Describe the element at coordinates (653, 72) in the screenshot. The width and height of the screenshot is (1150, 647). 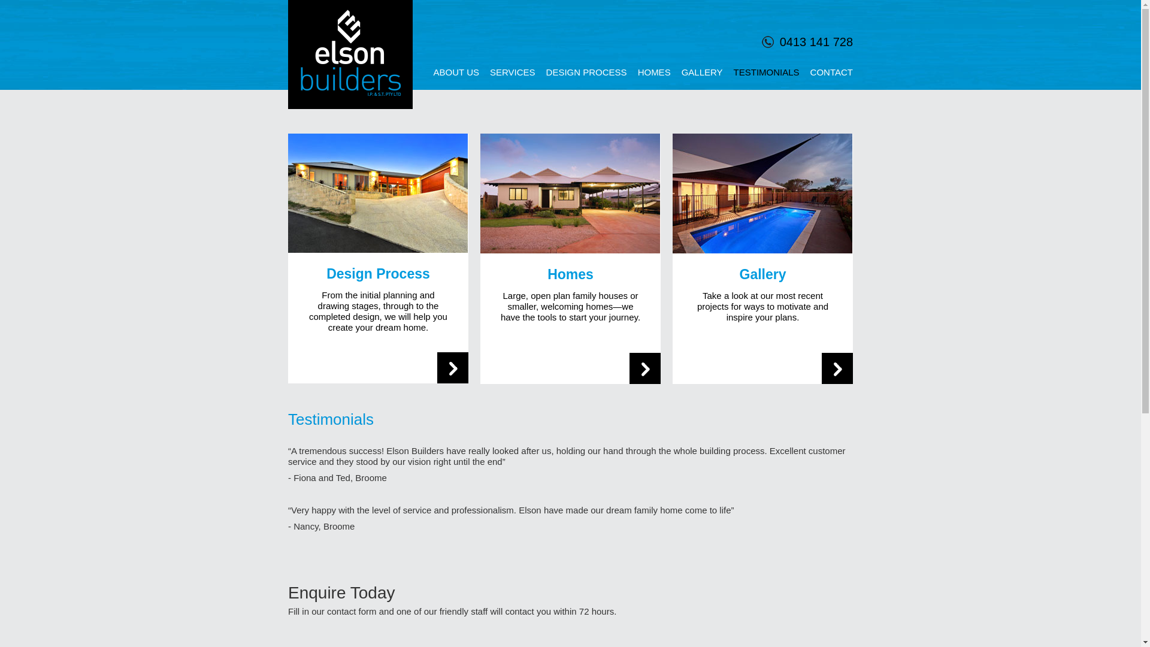
I see `'HOMES'` at that location.